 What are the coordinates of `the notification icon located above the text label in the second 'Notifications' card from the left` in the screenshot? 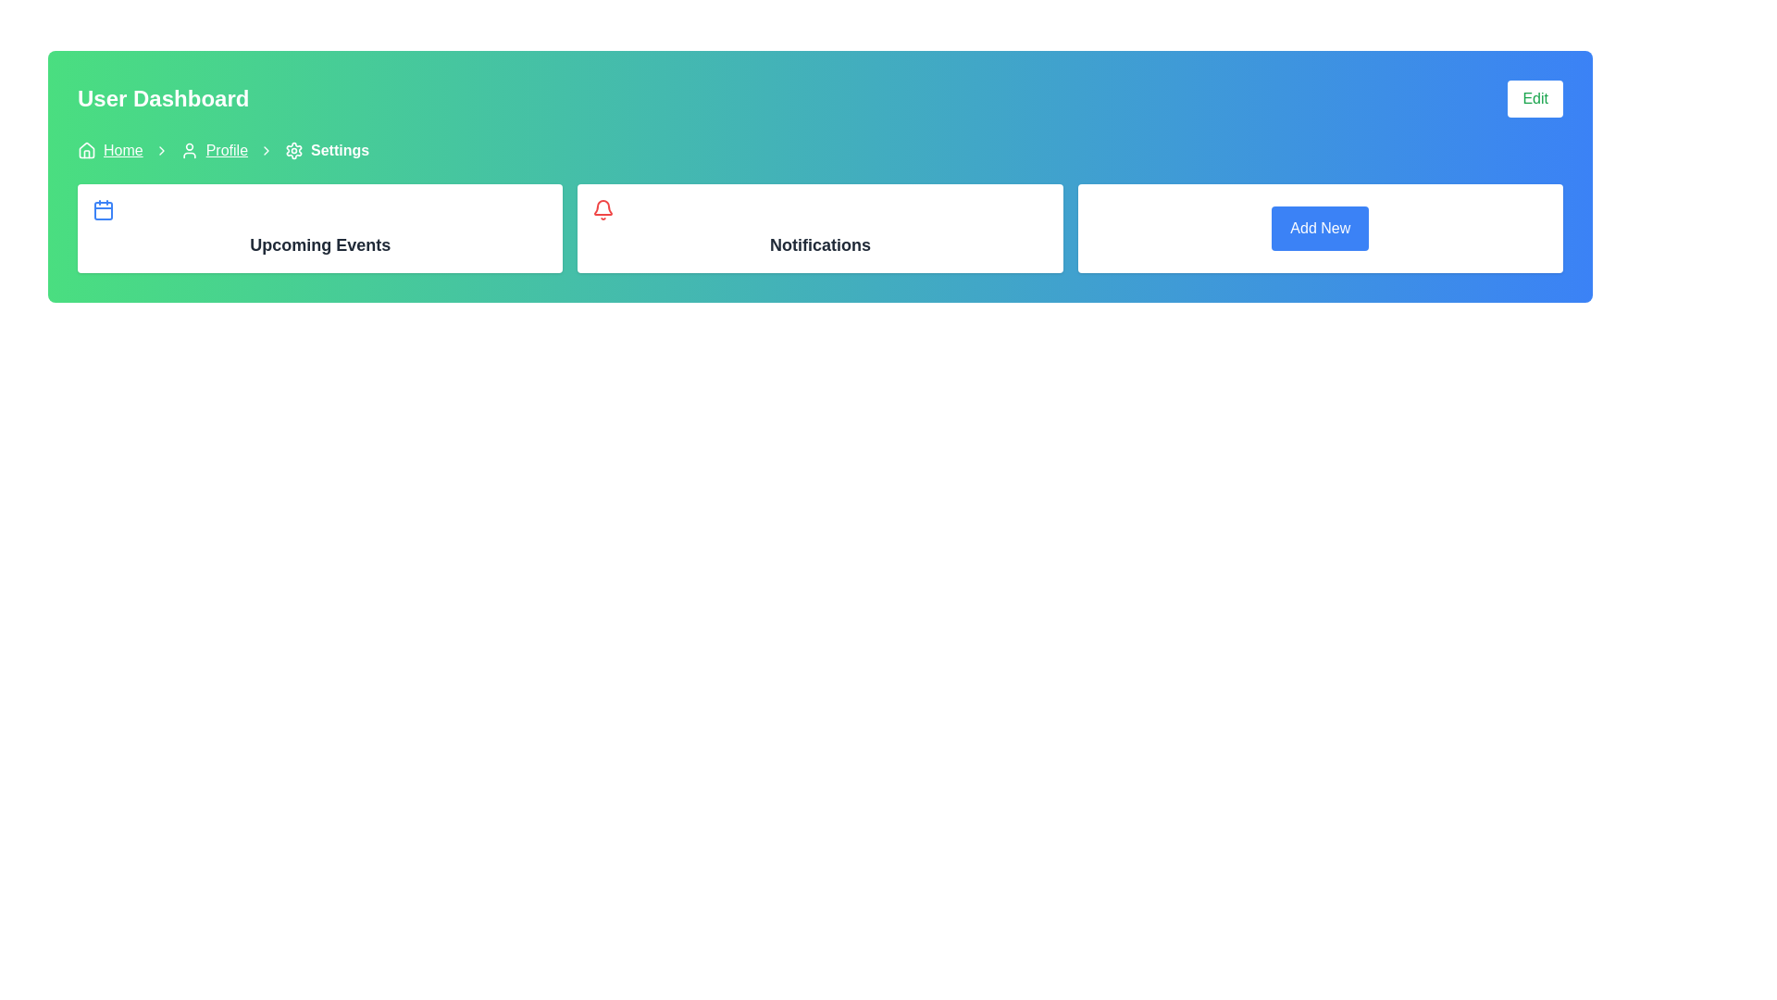 It's located at (603, 209).